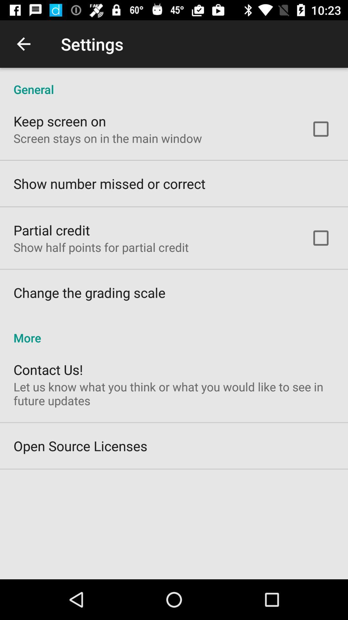 The height and width of the screenshot is (620, 348). Describe the element at coordinates (321, 129) in the screenshot. I see `the box which is beside keep screen on` at that location.